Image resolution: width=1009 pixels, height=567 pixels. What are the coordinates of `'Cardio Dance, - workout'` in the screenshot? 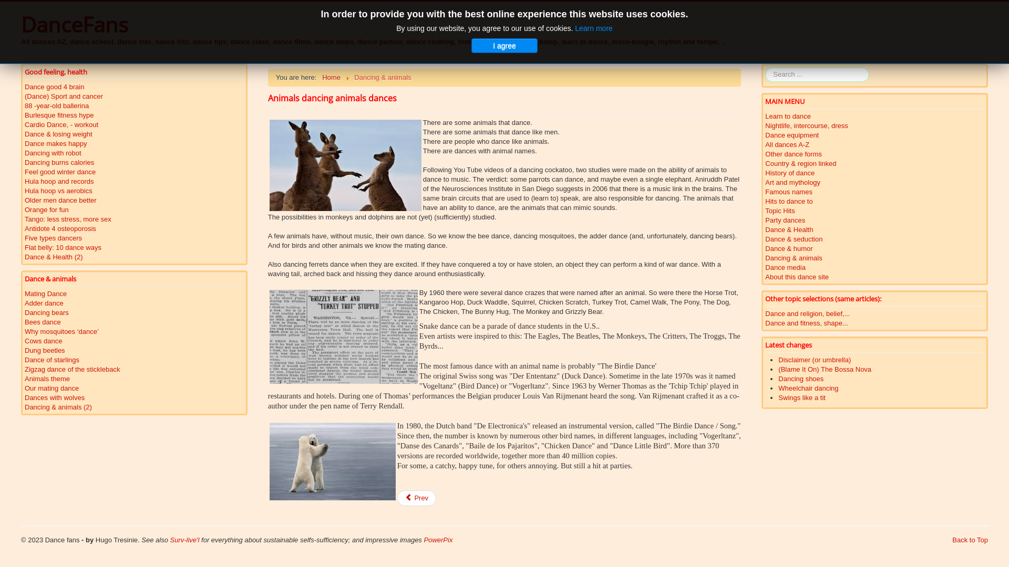 It's located at (25, 124).